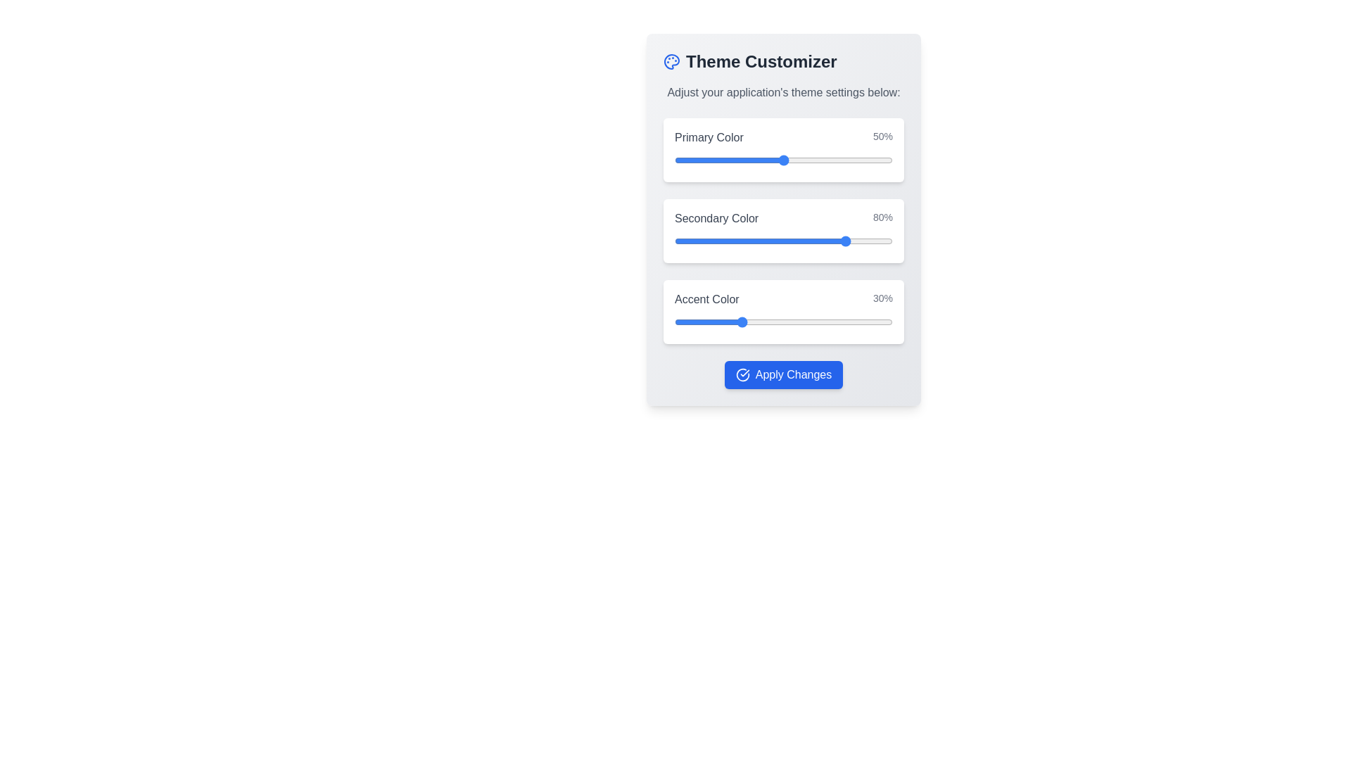  What do you see at coordinates (694, 322) in the screenshot?
I see `the accent color percentage` at bounding box center [694, 322].